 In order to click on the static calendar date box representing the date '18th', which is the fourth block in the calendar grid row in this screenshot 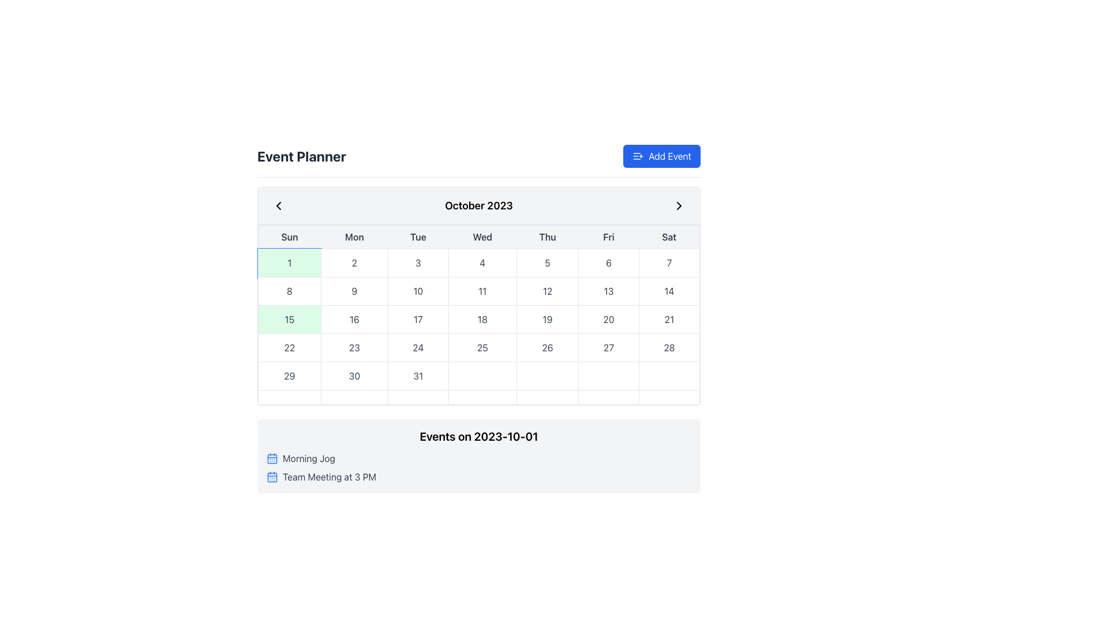, I will do `click(482, 320)`.